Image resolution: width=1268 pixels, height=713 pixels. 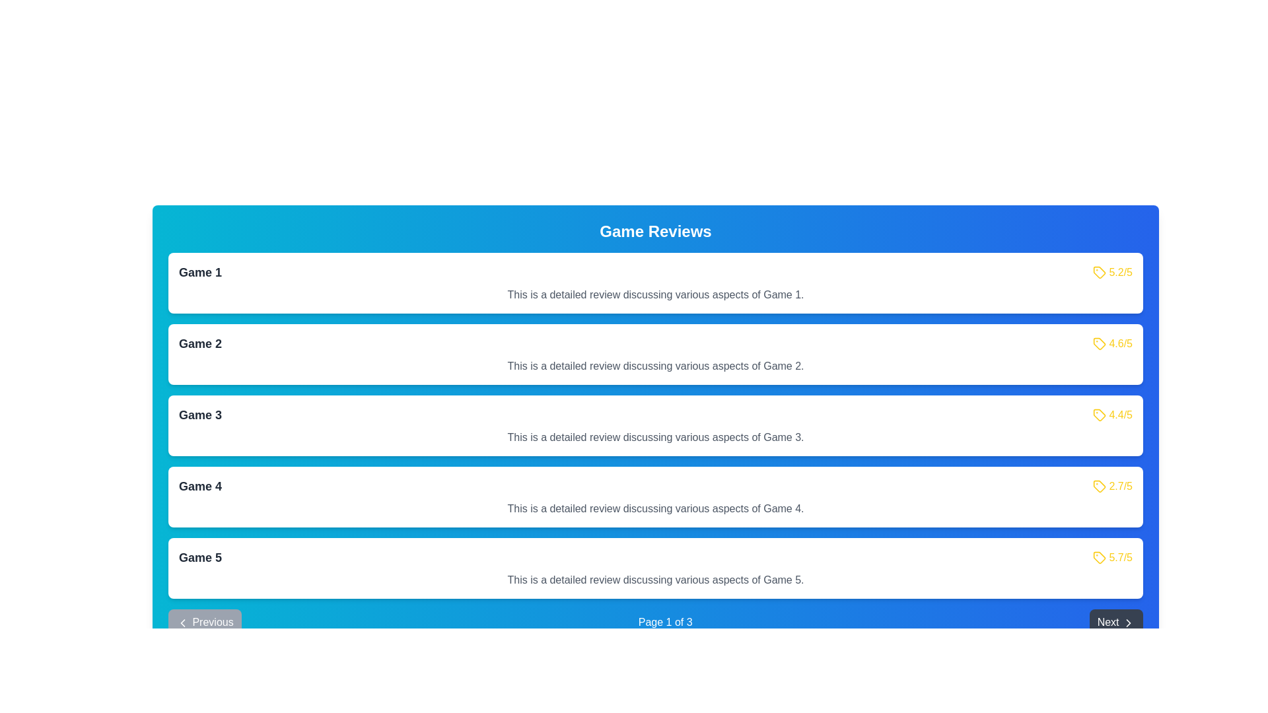 What do you see at coordinates (1100, 557) in the screenshot?
I see `the tag icon in the rating section of the fifth game review row, located in the bottom-right corner of the interface` at bounding box center [1100, 557].